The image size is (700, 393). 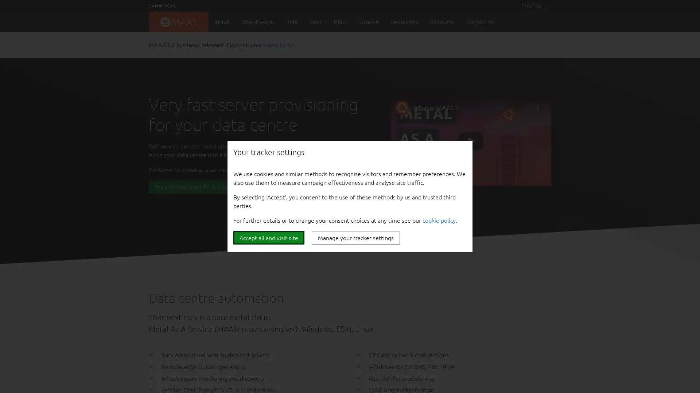 What do you see at coordinates (268, 238) in the screenshot?
I see `Accept all and visit site` at bounding box center [268, 238].